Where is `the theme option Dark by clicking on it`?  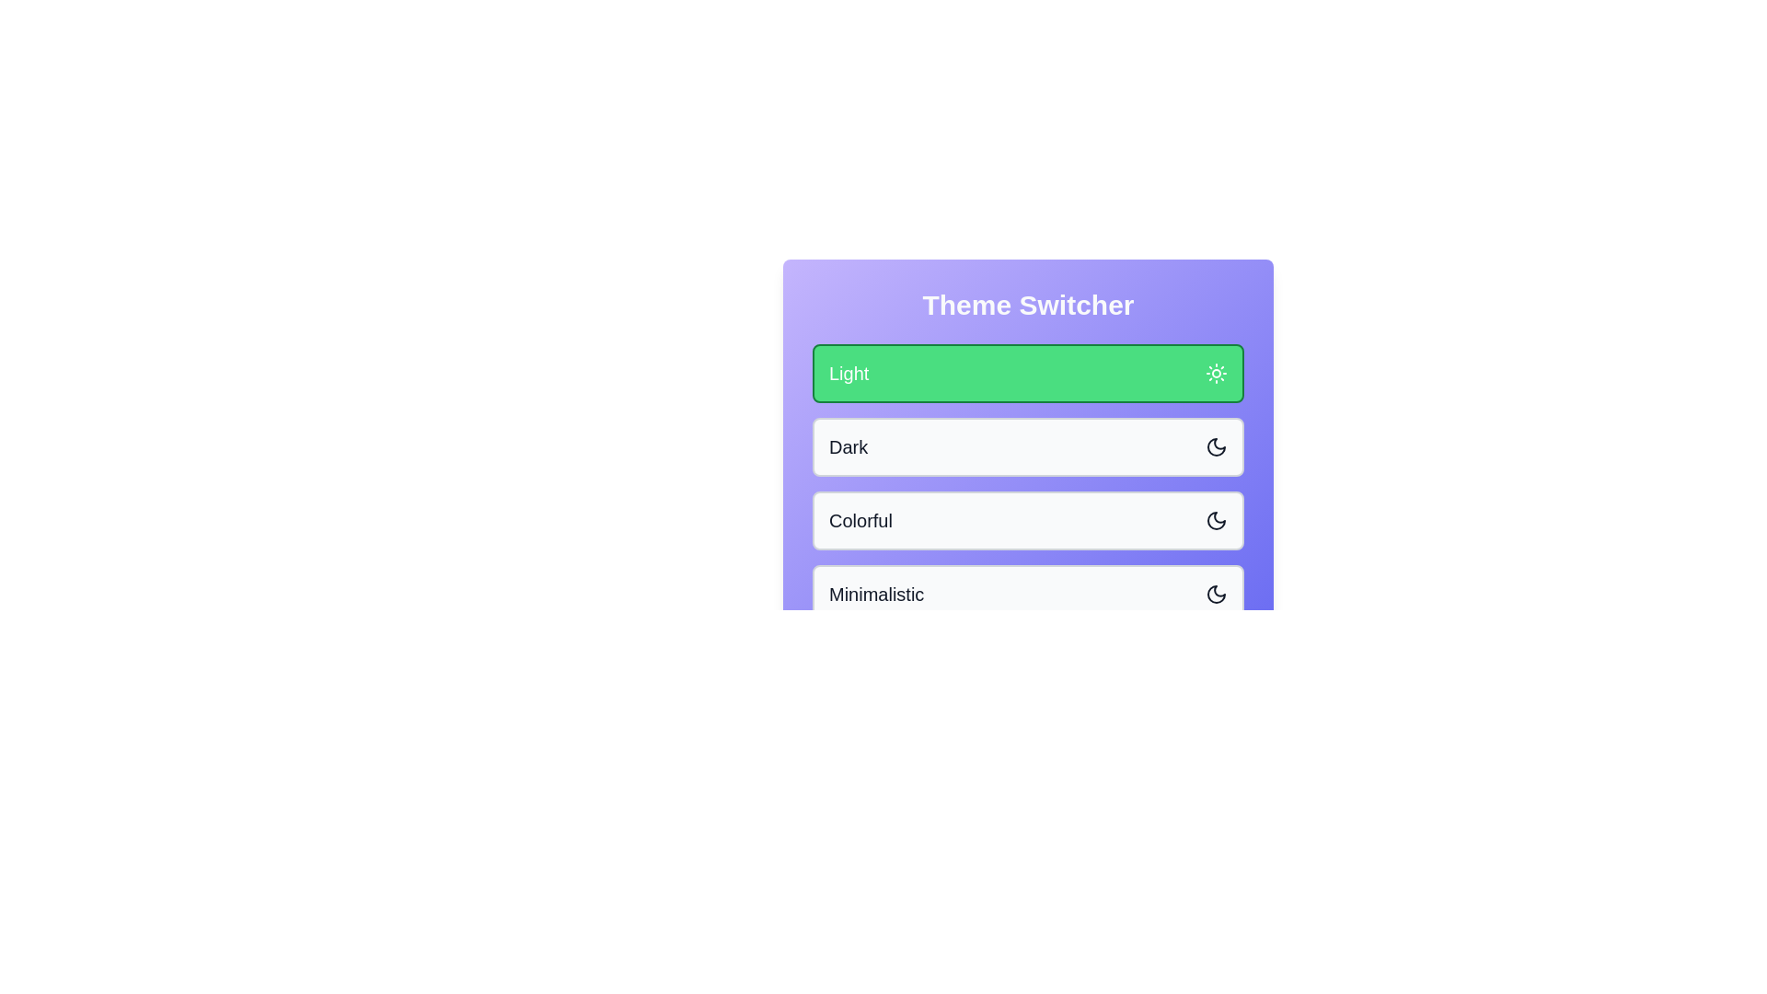 the theme option Dark by clicking on it is located at coordinates (1027, 447).